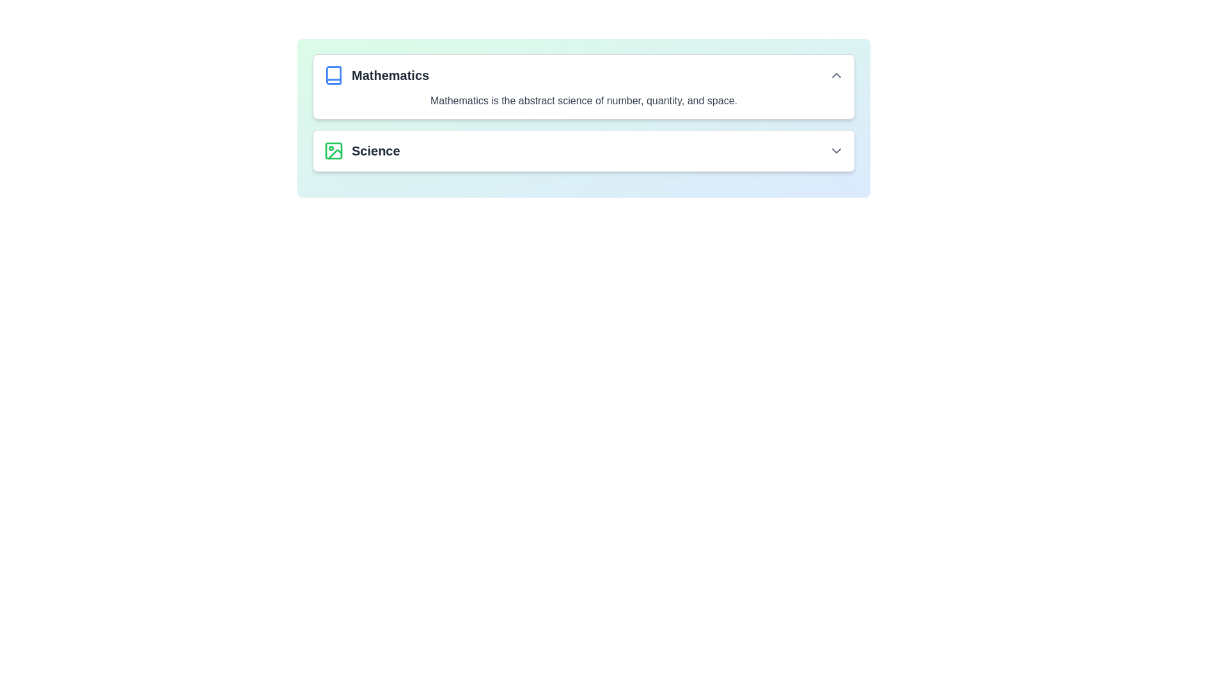 The height and width of the screenshot is (691, 1228). What do you see at coordinates (334, 75) in the screenshot?
I see `the blue book icon positioned to the left of the bold 'Mathematics' title` at bounding box center [334, 75].